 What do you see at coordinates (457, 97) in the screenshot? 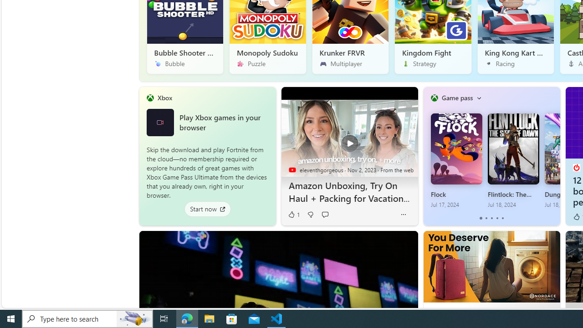
I see `'Game pass'` at bounding box center [457, 97].